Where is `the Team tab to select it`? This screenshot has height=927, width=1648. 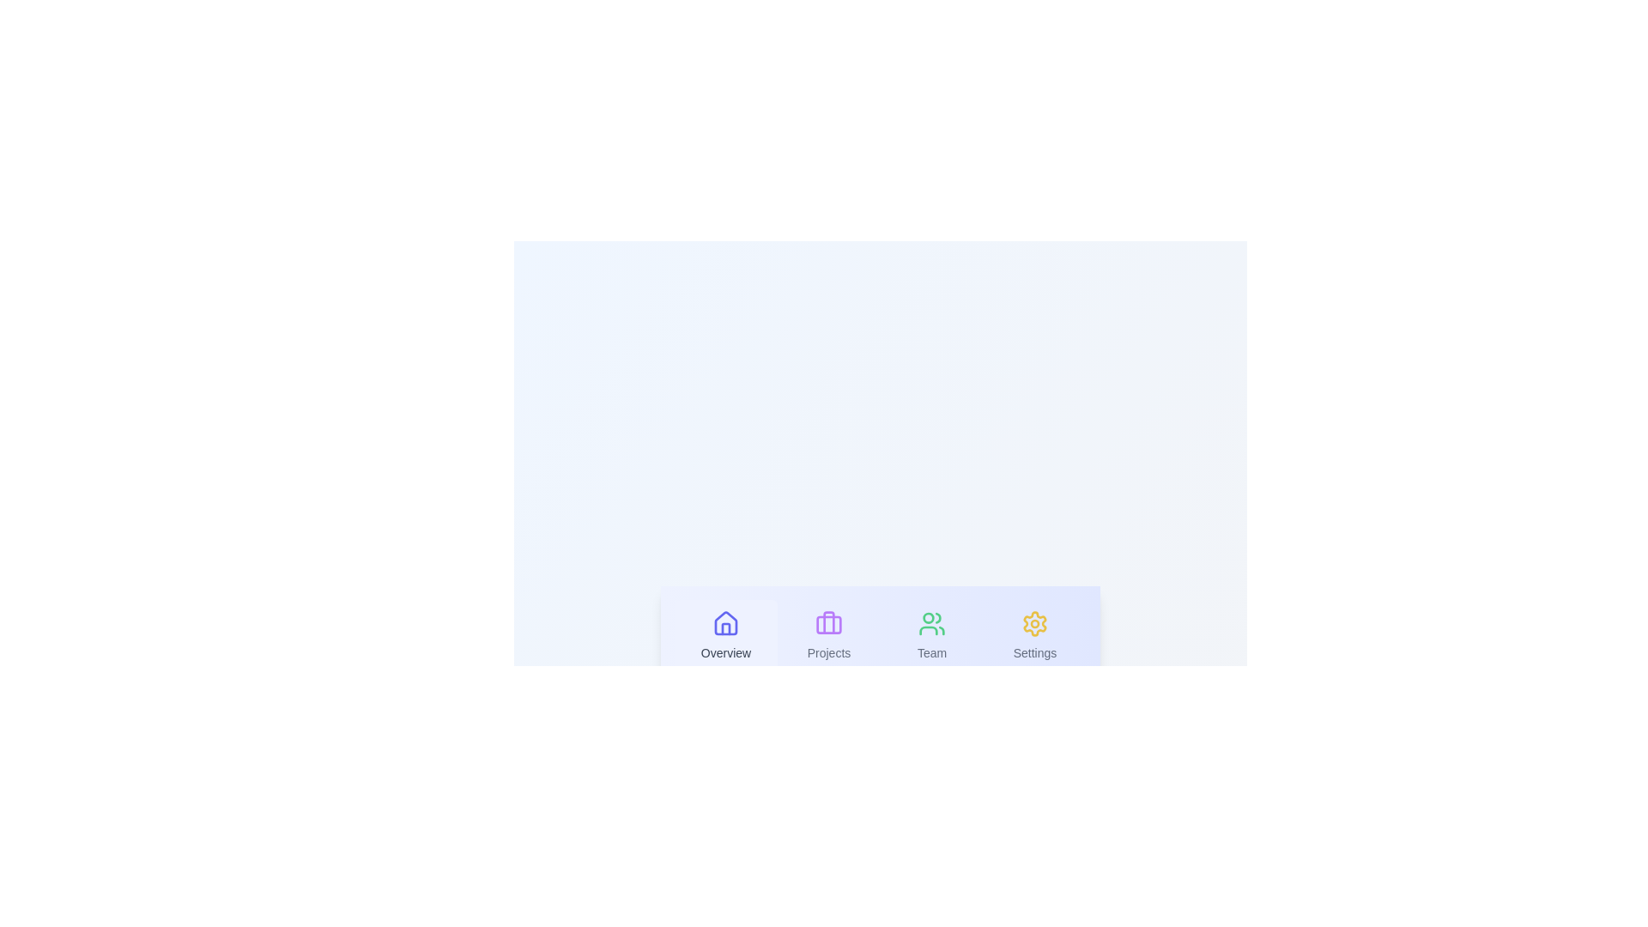
the Team tab to select it is located at coordinates (930, 637).